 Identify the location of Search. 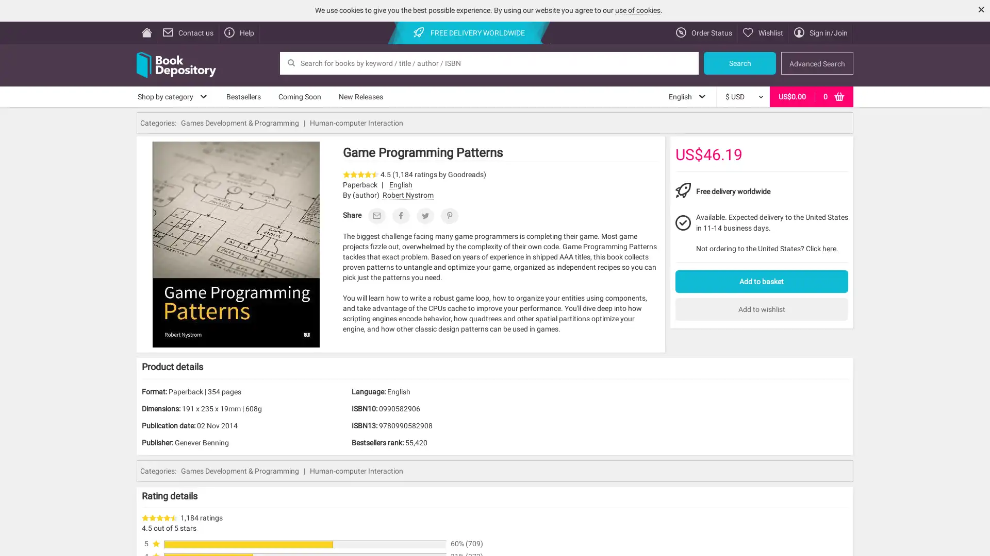
(739, 63).